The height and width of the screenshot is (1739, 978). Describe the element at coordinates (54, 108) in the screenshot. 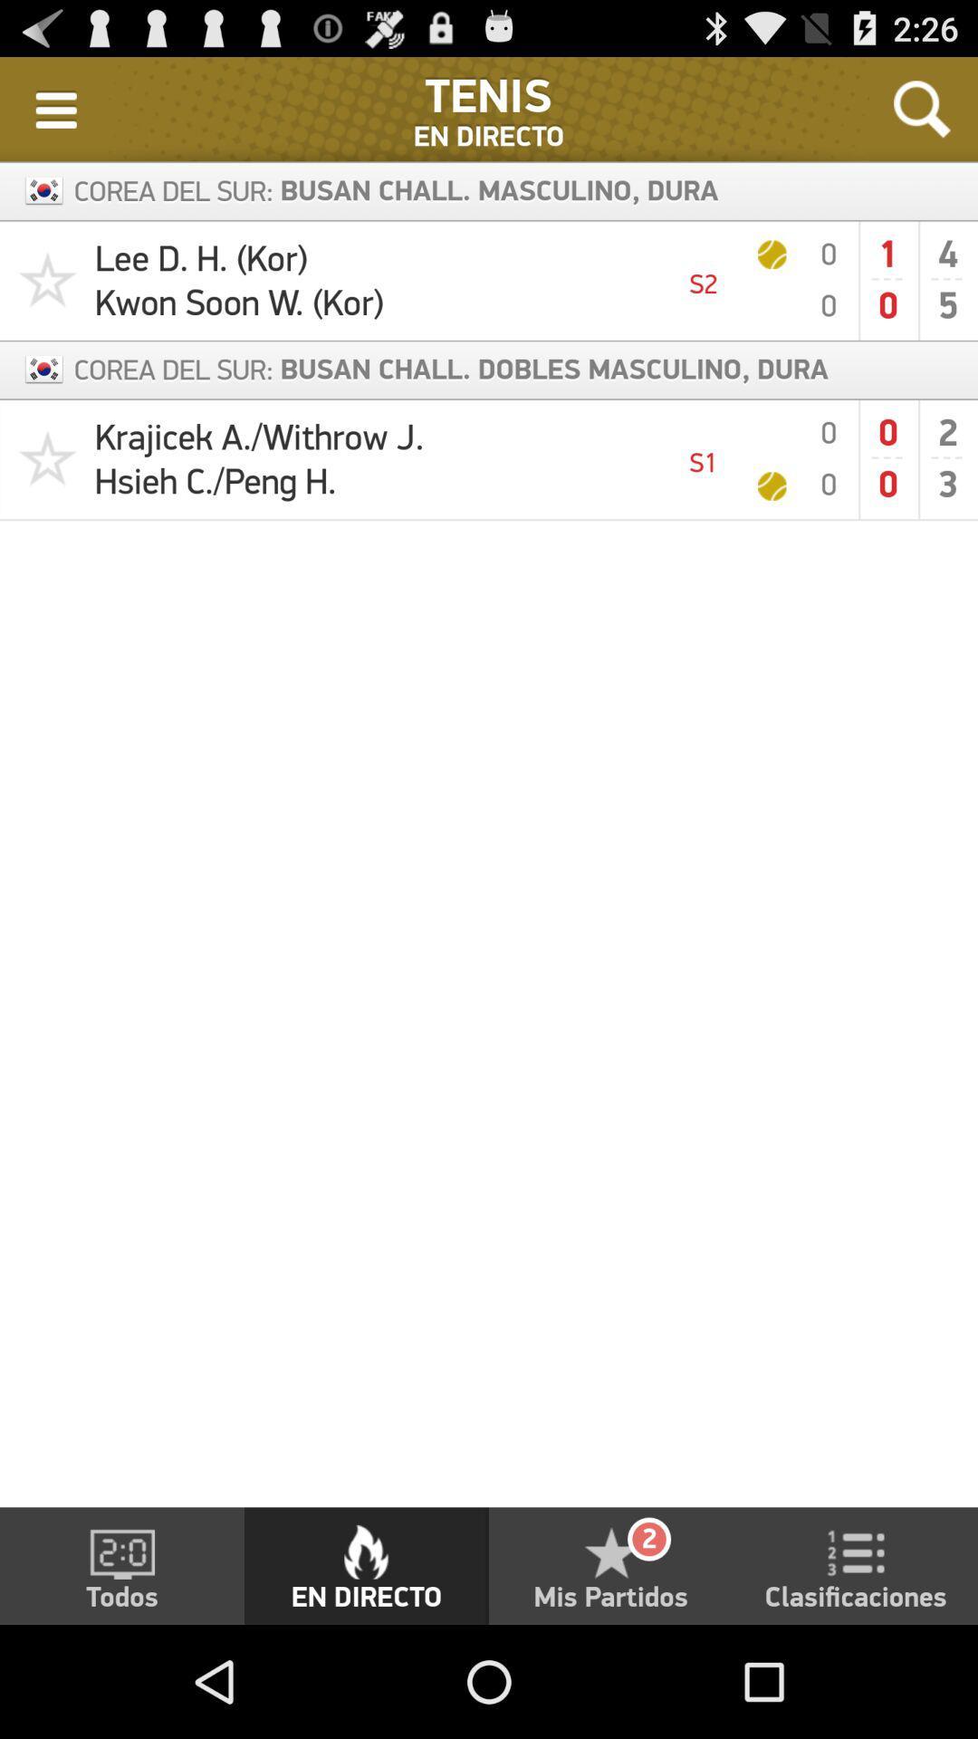

I see `the item to the left of the :  icon` at that location.